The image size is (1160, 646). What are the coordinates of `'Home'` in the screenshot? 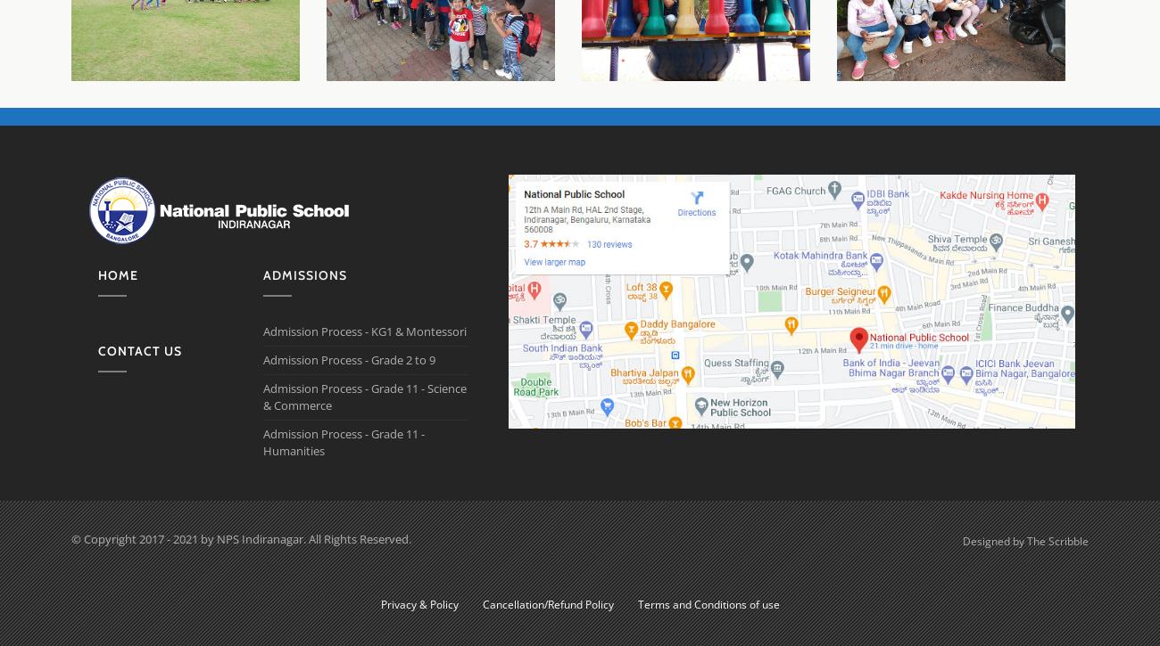 It's located at (117, 274).